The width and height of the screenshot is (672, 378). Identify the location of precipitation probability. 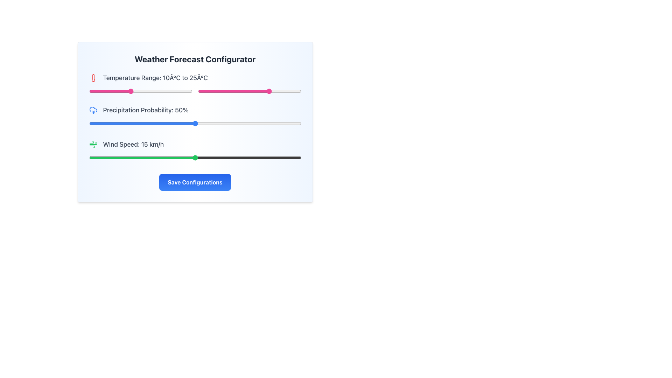
(189, 123).